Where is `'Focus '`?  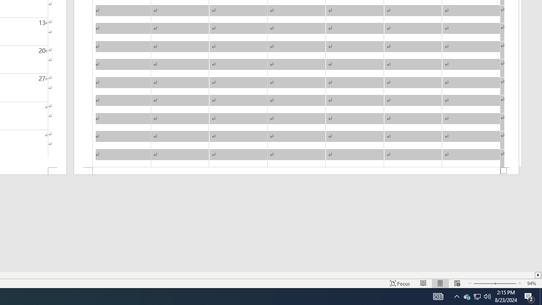
'Focus ' is located at coordinates (399, 283).